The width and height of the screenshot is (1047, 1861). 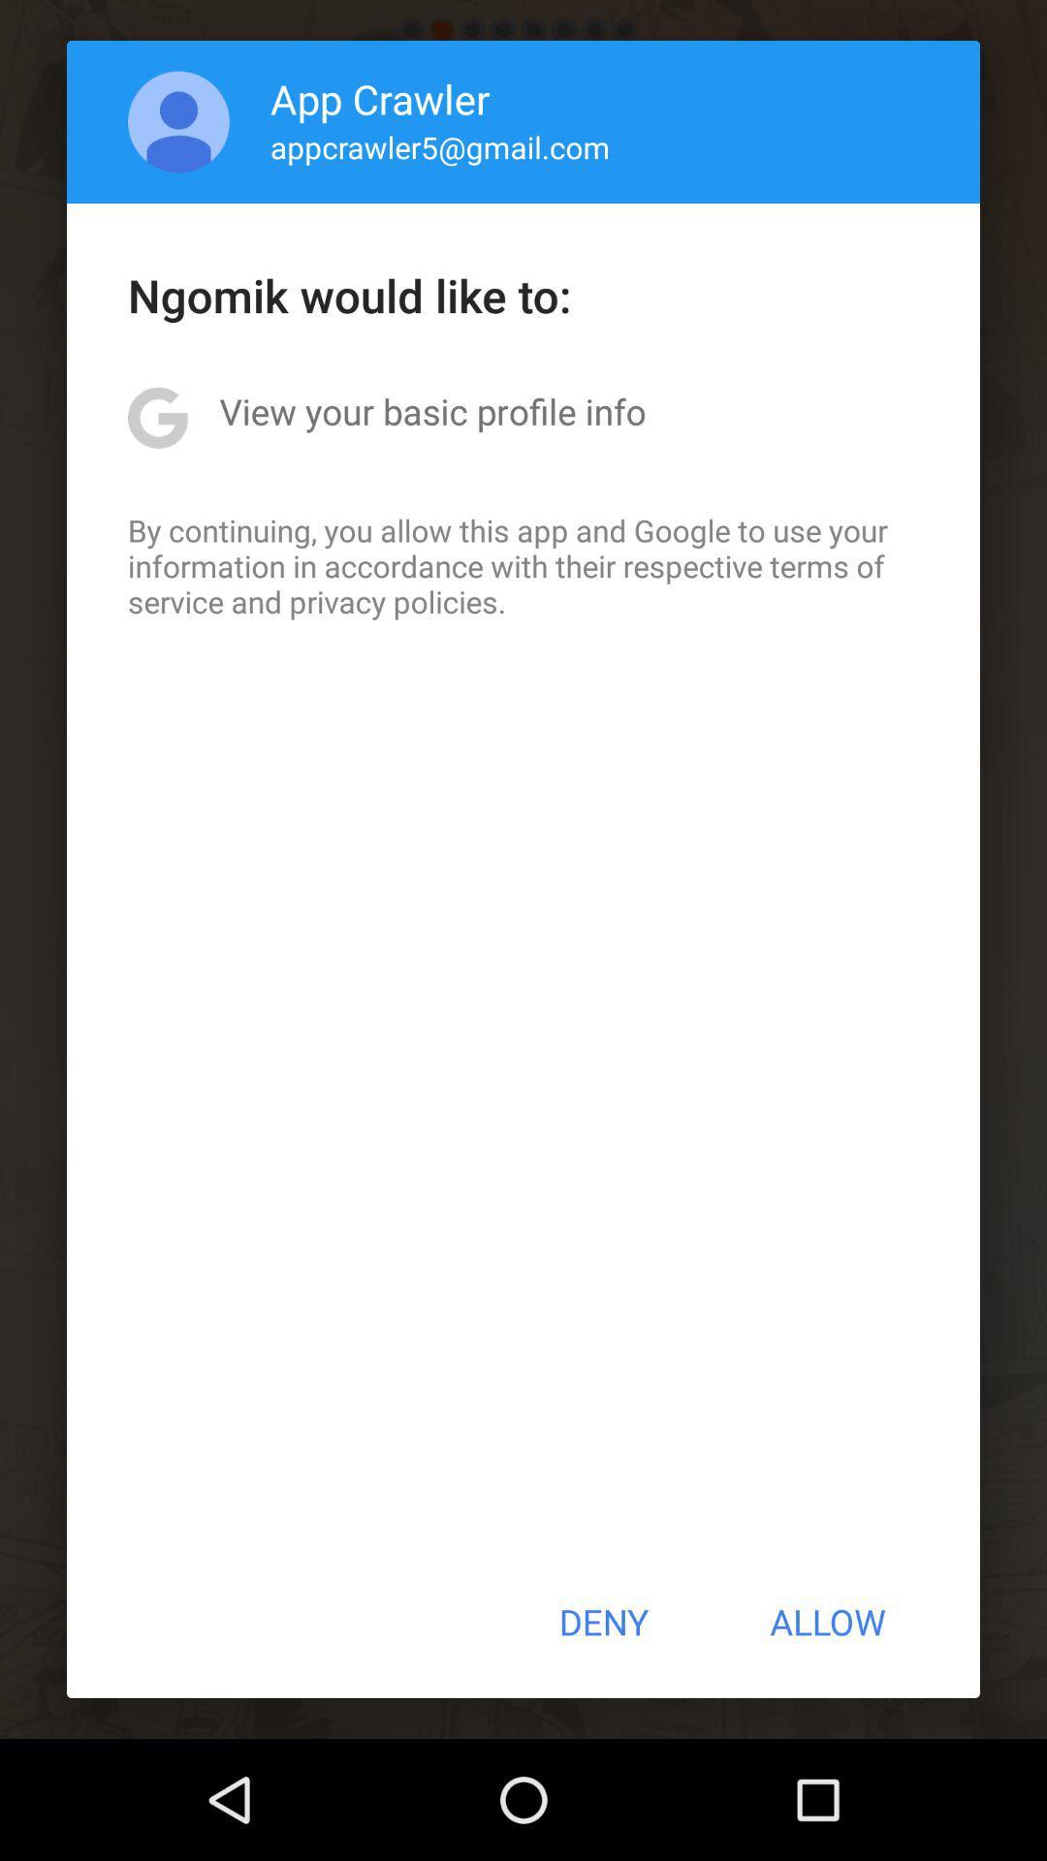 What do you see at coordinates (602, 1622) in the screenshot?
I see `the deny` at bounding box center [602, 1622].